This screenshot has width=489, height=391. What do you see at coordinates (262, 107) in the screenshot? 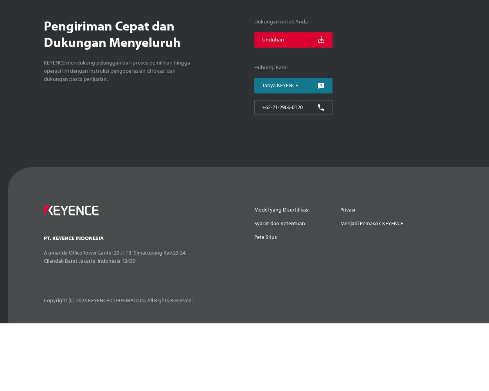
I see `'+62-21-2966-0120'` at bounding box center [262, 107].